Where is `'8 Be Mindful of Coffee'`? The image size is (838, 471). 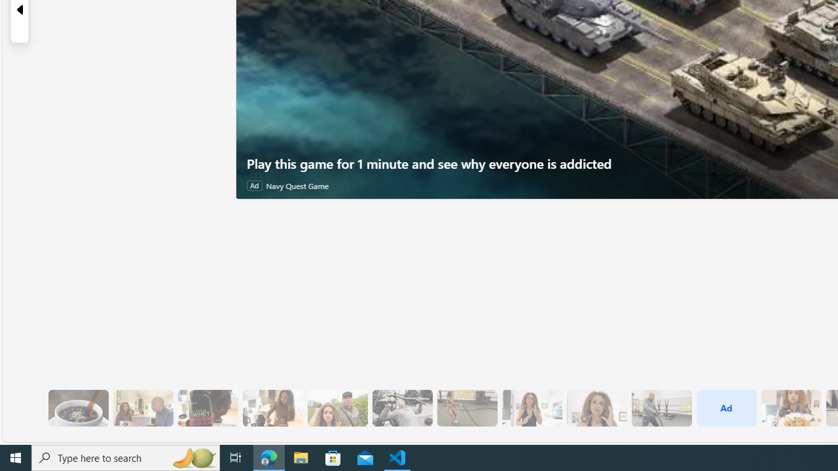 '8 Be Mindful of Coffee' is located at coordinates (77, 408).